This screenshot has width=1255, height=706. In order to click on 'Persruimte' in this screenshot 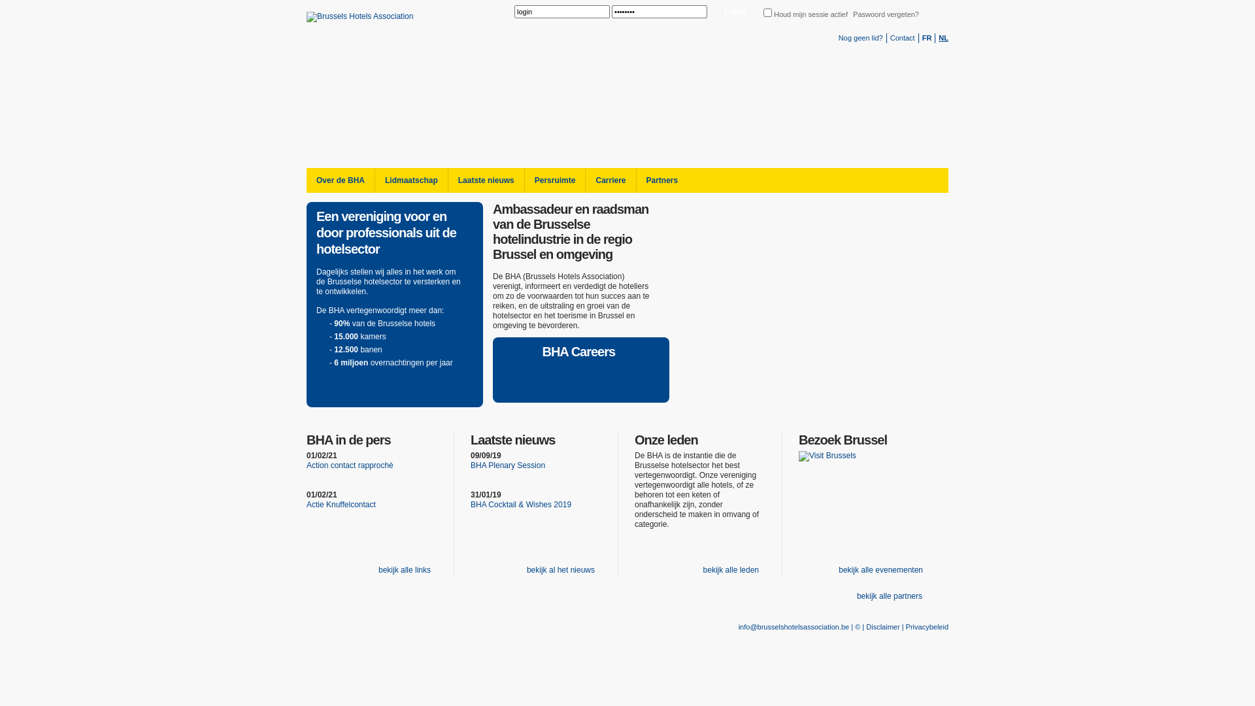, I will do `click(555, 180)`.